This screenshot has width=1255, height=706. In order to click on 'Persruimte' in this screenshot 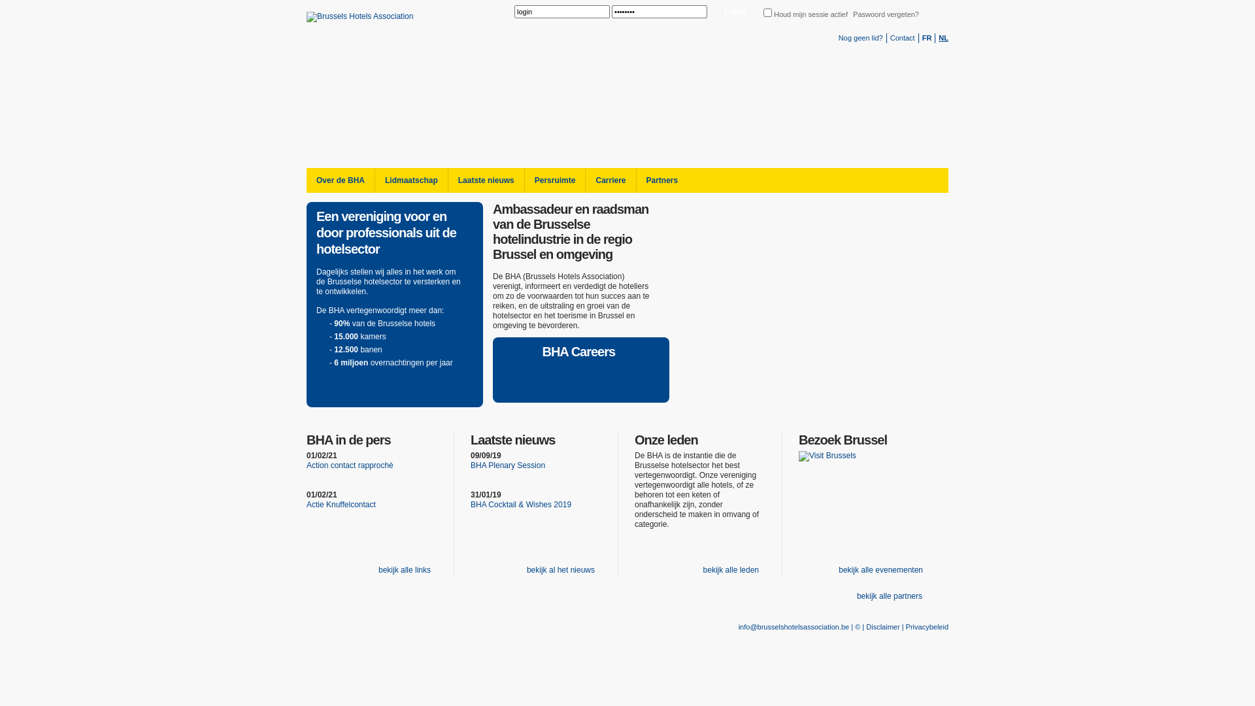, I will do `click(555, 180)`.